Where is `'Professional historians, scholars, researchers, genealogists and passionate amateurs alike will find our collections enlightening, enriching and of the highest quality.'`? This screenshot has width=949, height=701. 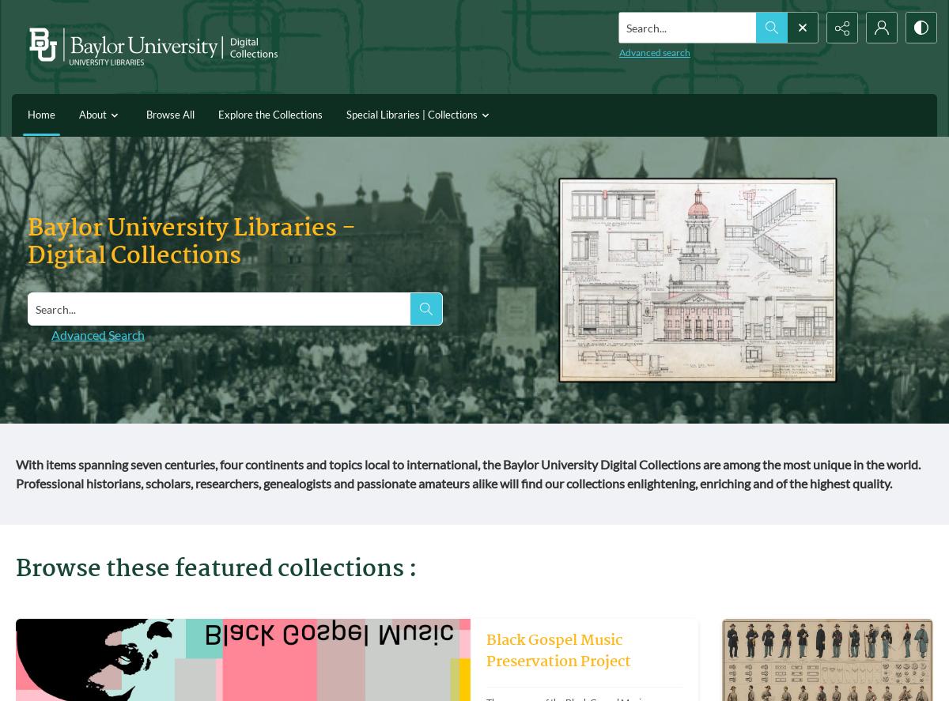
'Professional historians, scholars, researchers, genealogists and passionate amateurs alike will find our collections enlightening, enriching and of the highest quality.' is located at coordinates (452, 483).